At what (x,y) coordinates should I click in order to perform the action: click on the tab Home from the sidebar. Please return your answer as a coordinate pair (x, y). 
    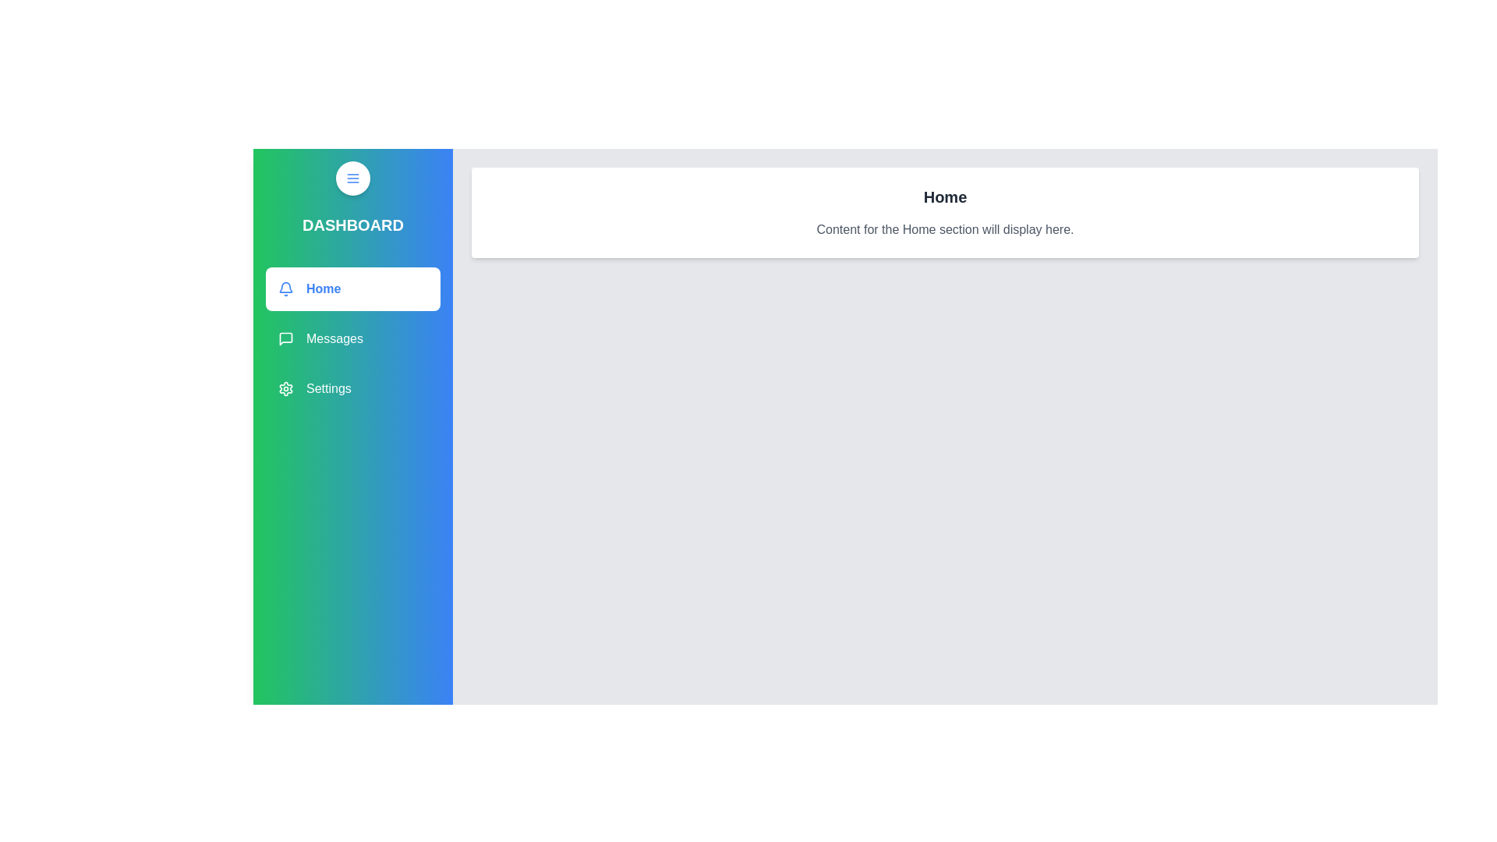
    Looking at the image, I should click on (352, 288).